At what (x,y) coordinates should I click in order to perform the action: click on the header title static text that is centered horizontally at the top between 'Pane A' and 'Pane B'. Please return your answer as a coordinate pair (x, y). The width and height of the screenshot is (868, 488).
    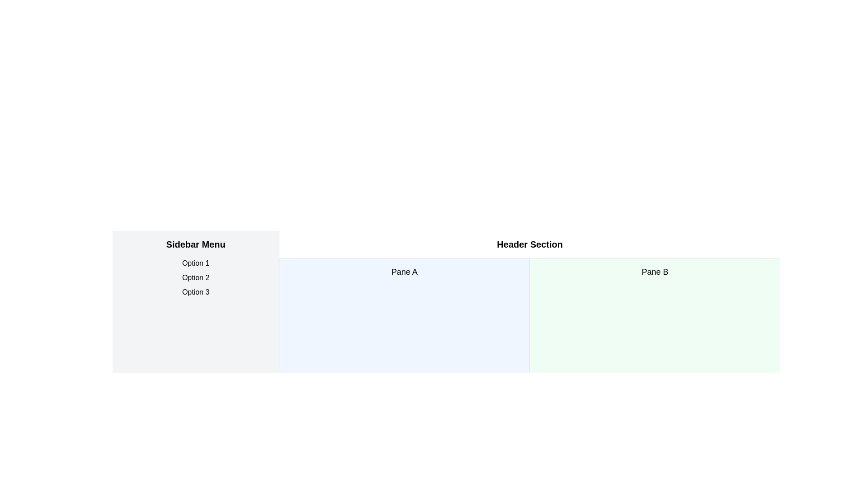
    Looking at the image, I should click on (530, 244).